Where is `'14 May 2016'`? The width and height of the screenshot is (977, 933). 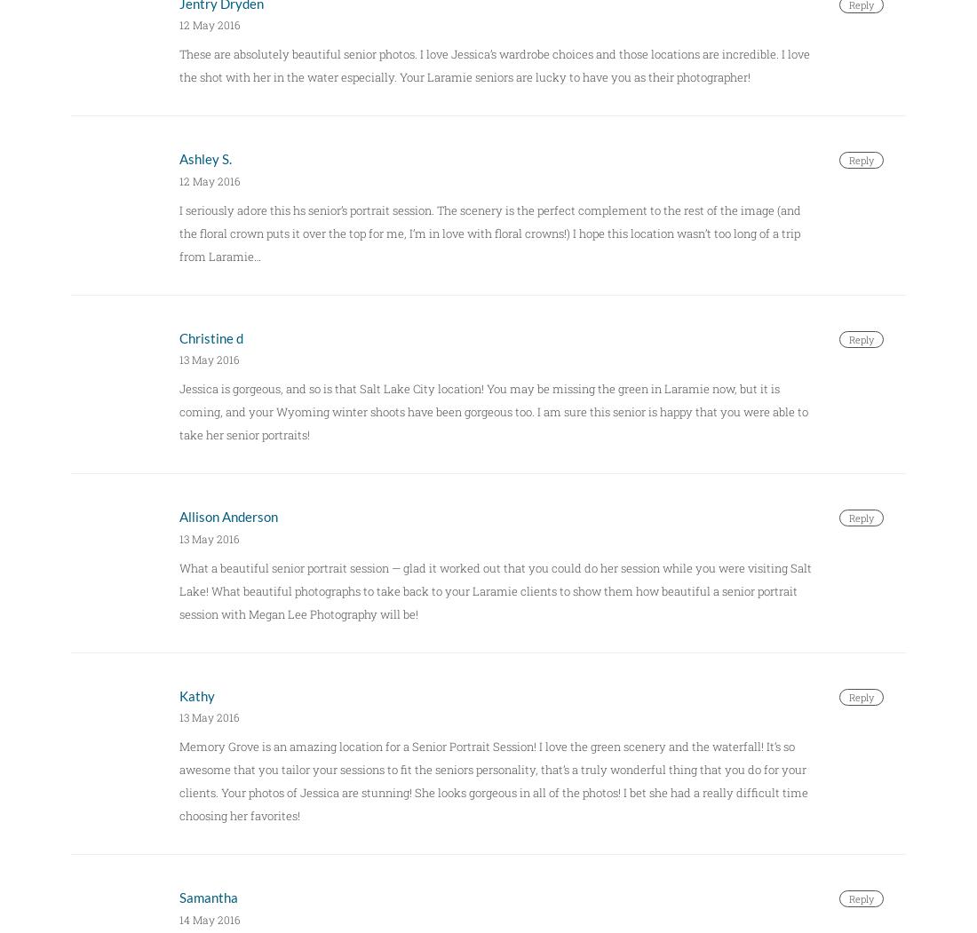 '14 May 2016' is located at coordinates (178, 918).